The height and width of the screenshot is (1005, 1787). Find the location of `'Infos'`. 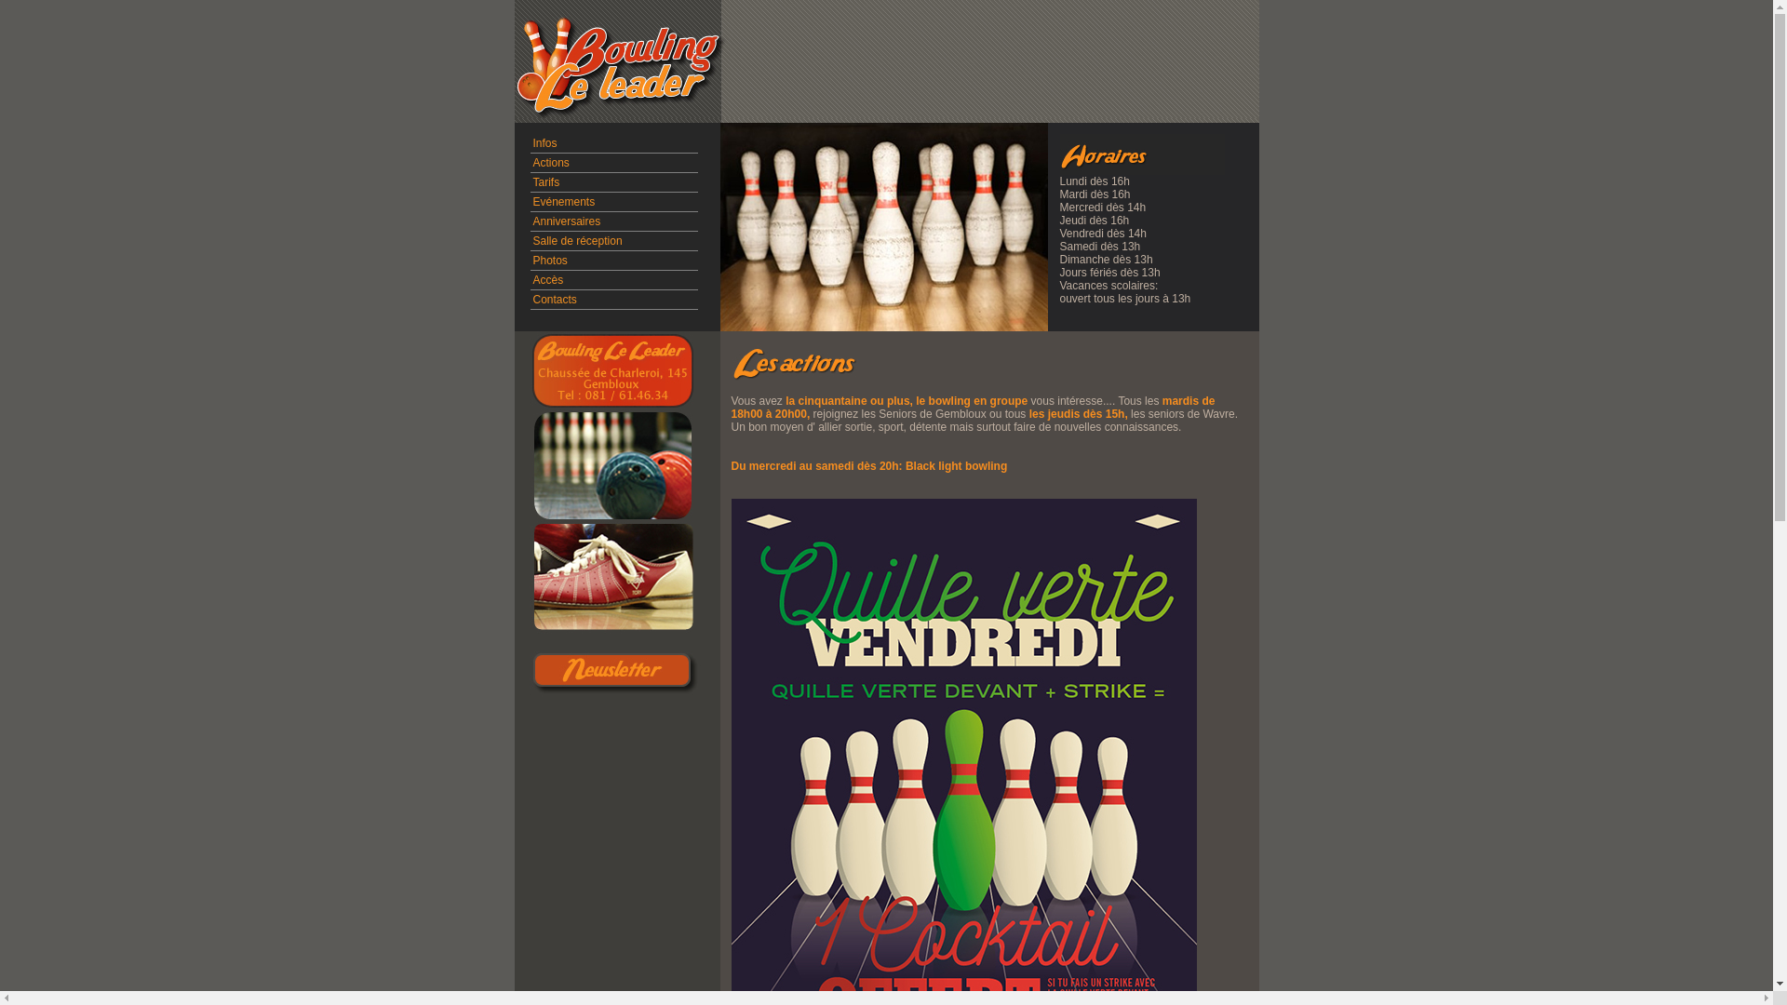

'Infos' is located at coordinates (544, 142).